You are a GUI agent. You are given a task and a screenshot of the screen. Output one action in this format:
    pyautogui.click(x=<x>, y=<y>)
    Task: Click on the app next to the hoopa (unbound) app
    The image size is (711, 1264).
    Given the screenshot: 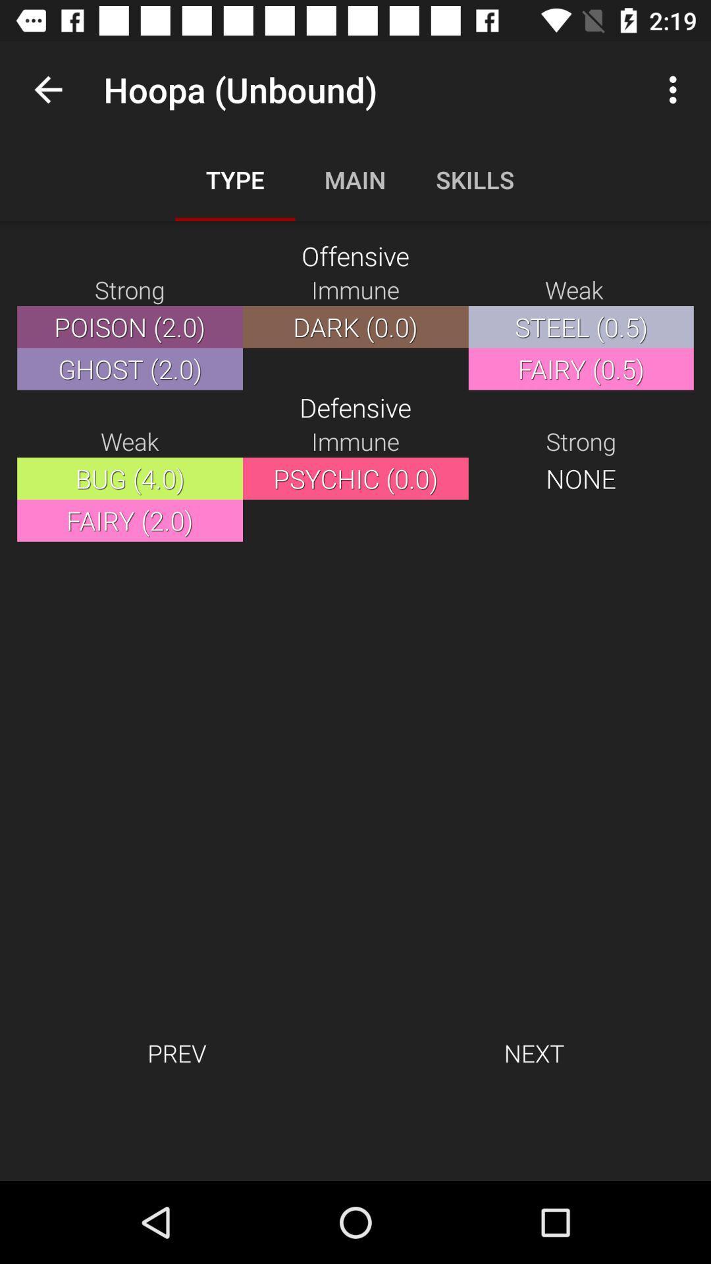 What is the action you would take?
    pyautogui.click(x=47, y=89)
    